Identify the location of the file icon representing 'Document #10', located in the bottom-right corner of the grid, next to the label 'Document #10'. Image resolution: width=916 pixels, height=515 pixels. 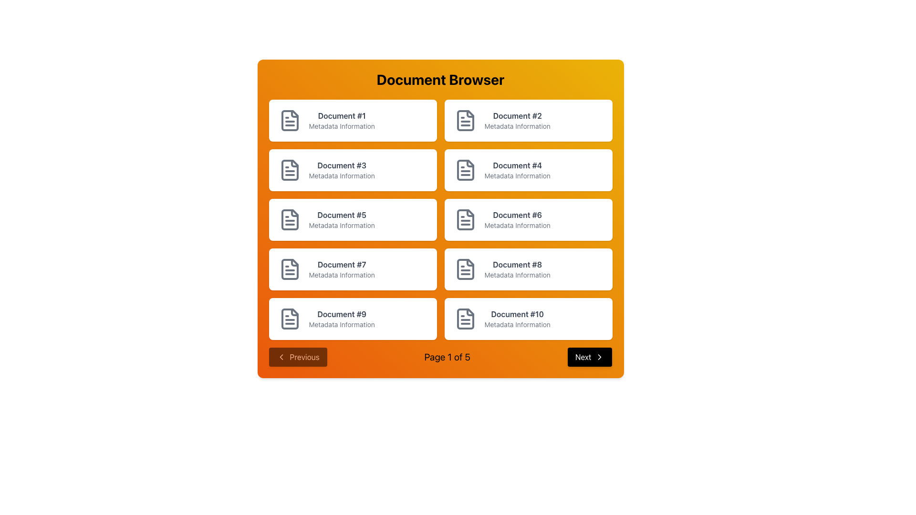
(465, 319).